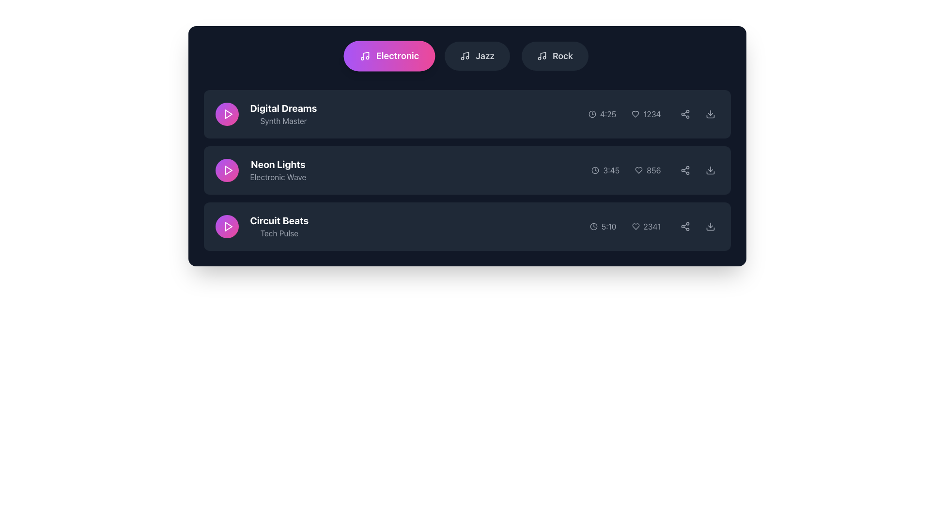 This screenshot has height=523, width=930. I want to click on the 'Electronic' button with a gradient background and a musical note icon, so click(389, 56).